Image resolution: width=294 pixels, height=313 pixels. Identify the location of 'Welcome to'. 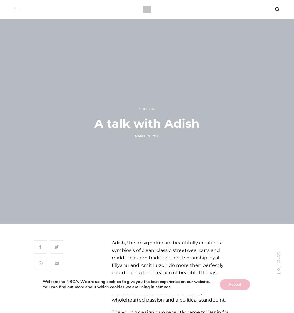
(54, 282).